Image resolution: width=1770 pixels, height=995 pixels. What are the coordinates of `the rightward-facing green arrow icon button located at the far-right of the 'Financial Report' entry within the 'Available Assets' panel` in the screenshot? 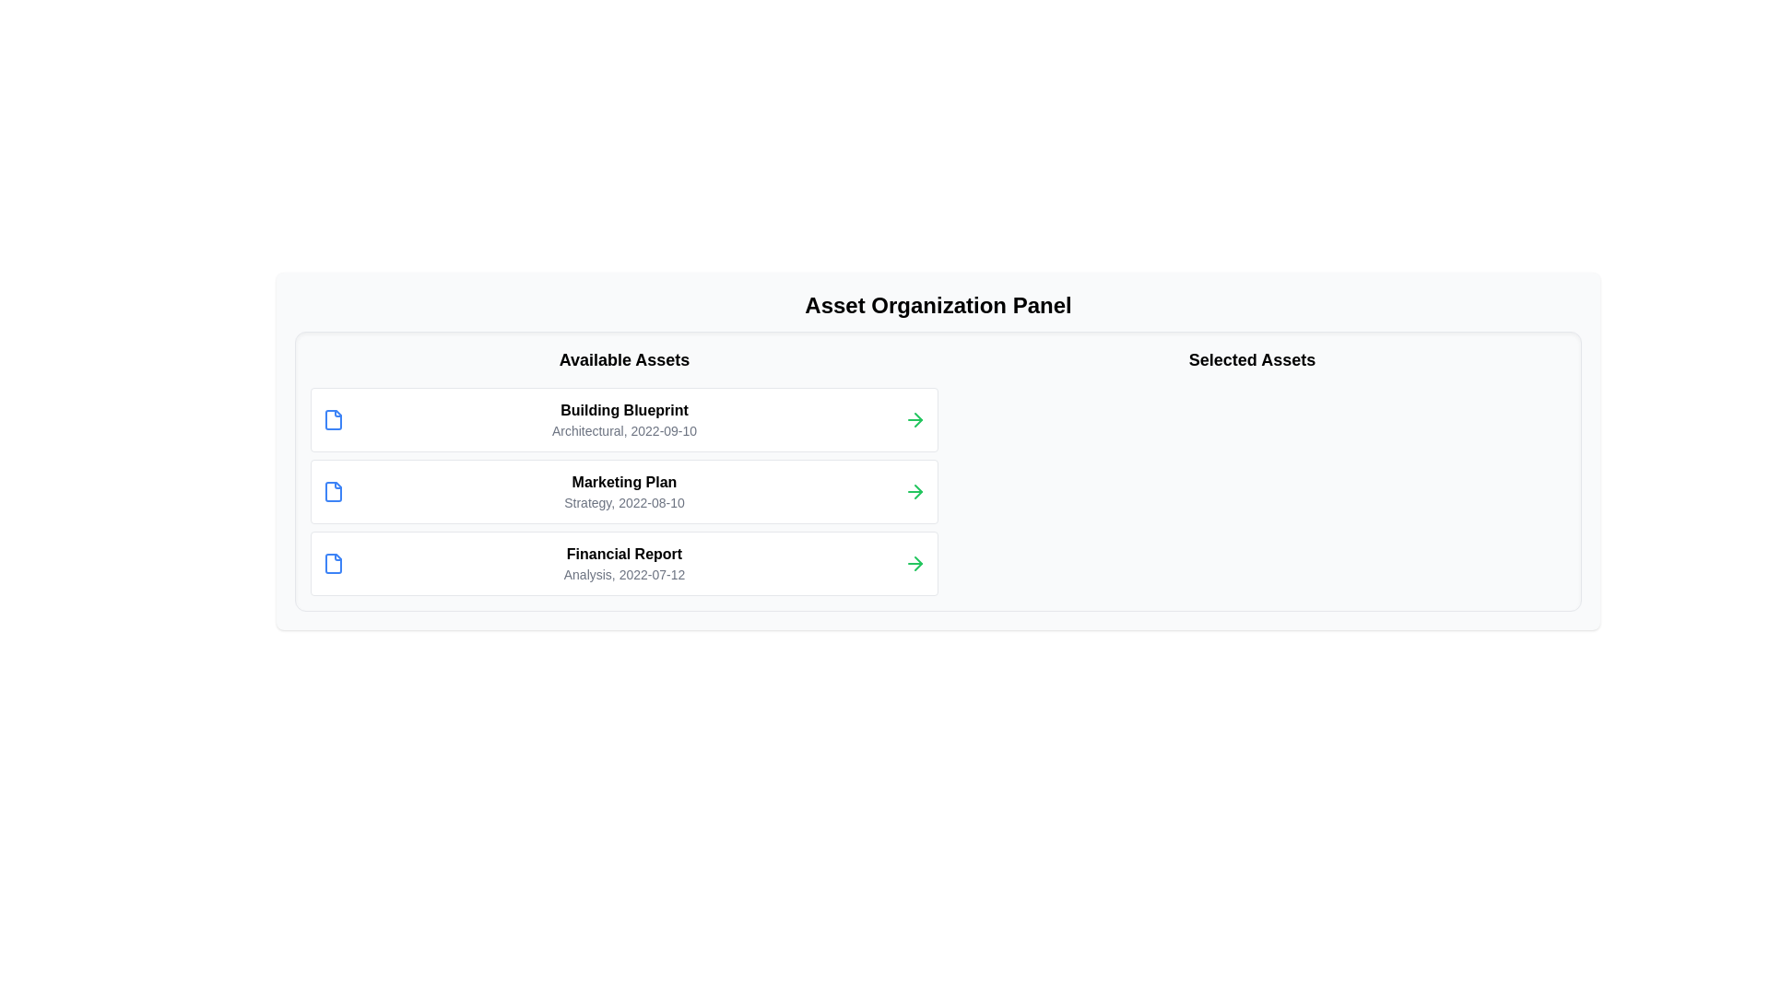 It's located at (915, 563).